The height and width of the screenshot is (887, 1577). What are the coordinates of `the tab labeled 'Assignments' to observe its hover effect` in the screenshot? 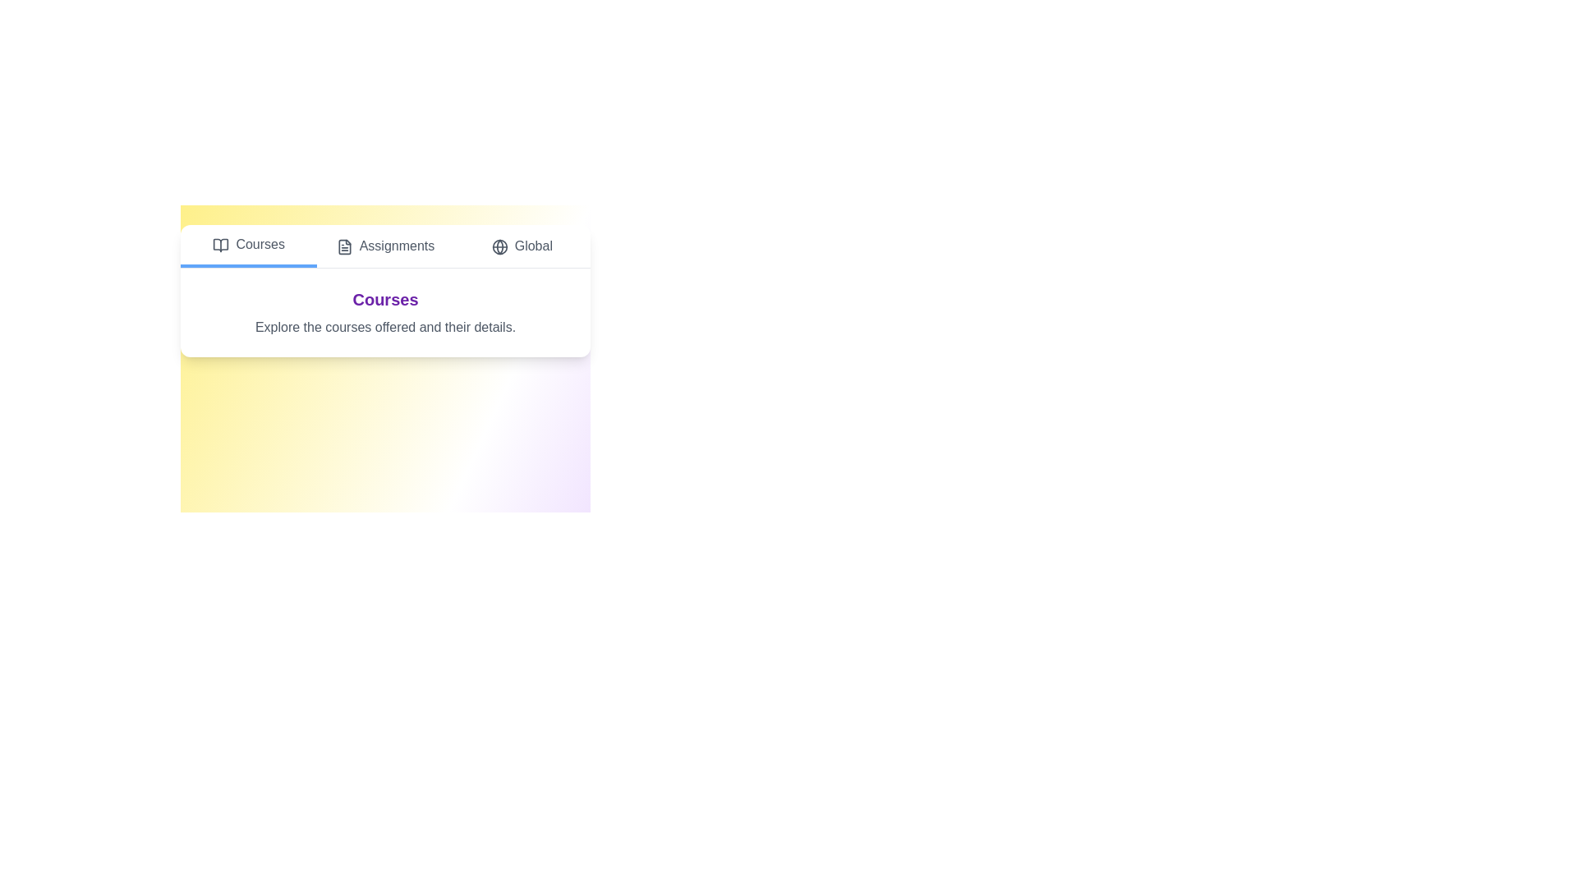 It's located at (384, 246).